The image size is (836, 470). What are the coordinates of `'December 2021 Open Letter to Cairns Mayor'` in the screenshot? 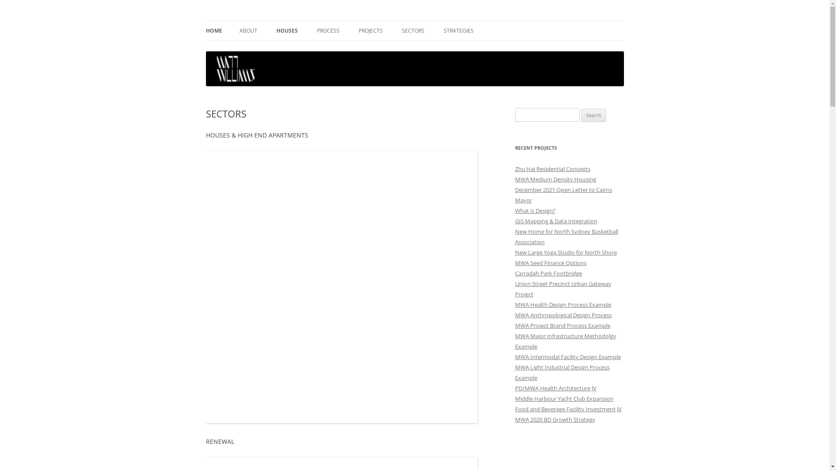 It's located at (514, 194).